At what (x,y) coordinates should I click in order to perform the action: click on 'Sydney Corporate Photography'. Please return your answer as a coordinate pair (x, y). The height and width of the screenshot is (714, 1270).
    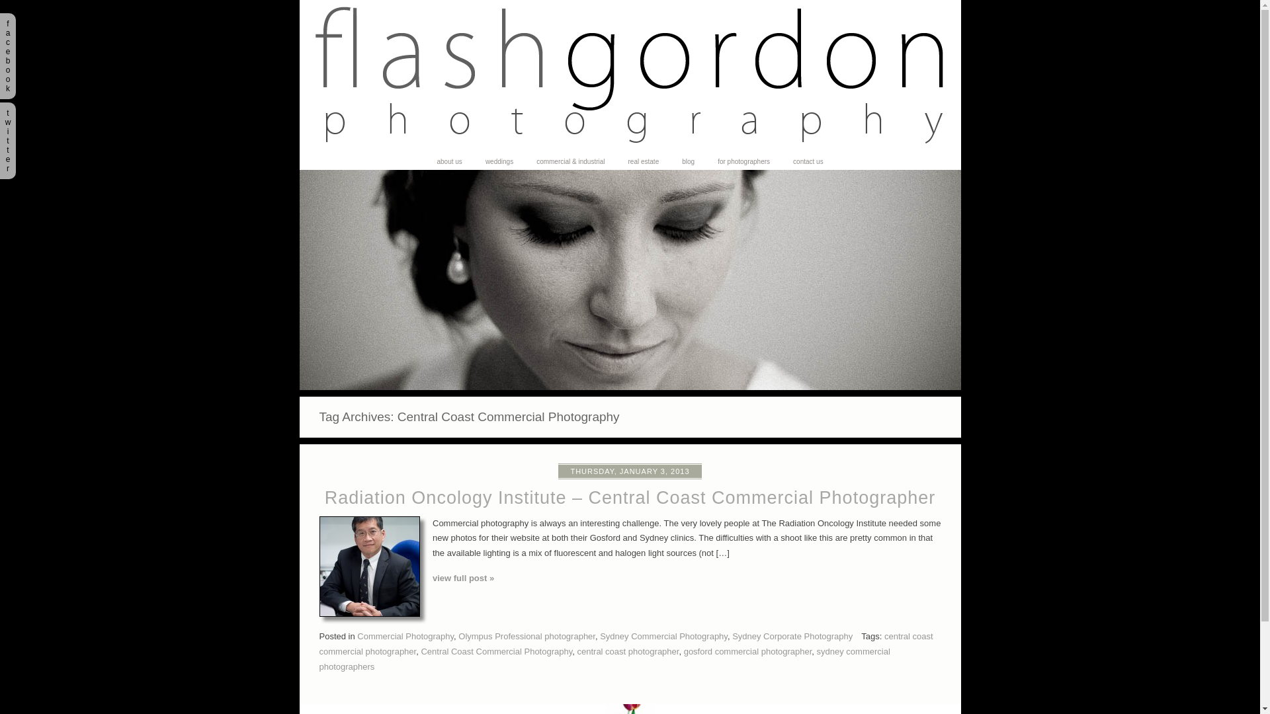
    Looking at the image, I should click on (792, 635).